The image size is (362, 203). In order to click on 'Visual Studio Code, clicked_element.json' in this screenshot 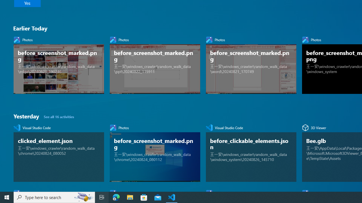, I will do `click(59, 151)`.